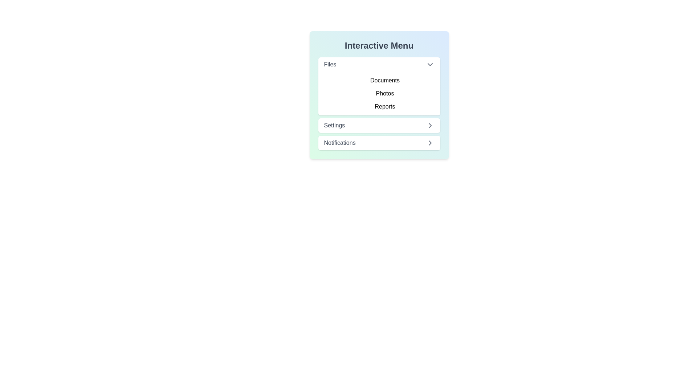  Describe the element at coordinates (430, 143) in the screenshot. I see `the chevron arrow icon located on the right edge of the 'Settings' button row to indicate that users can access more content or navigate to a different page` at that location.